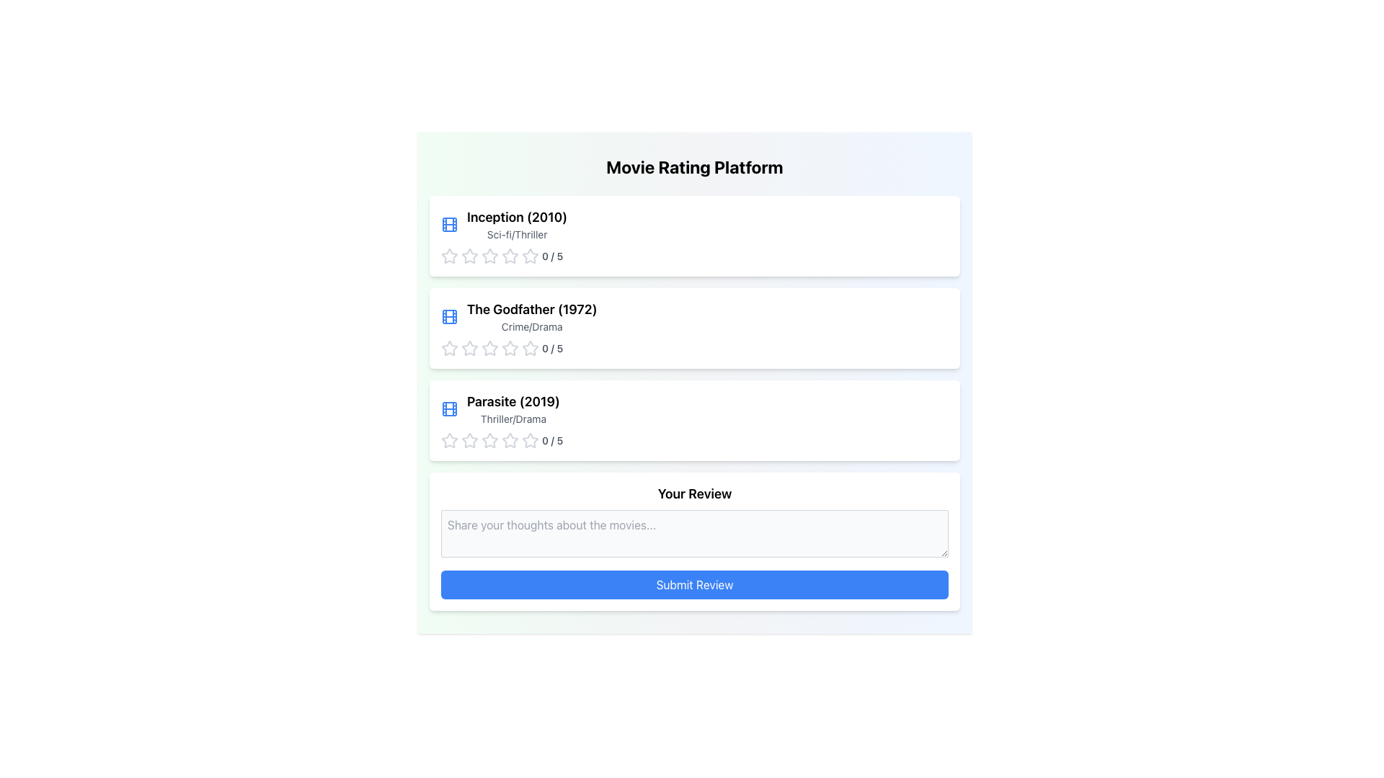 The width and height of the screenshot is (1384, 778). I want to click on the hollow gray star-shaped icon in the rating section for the movie 'Parasite (2019)', so click(449, 439).